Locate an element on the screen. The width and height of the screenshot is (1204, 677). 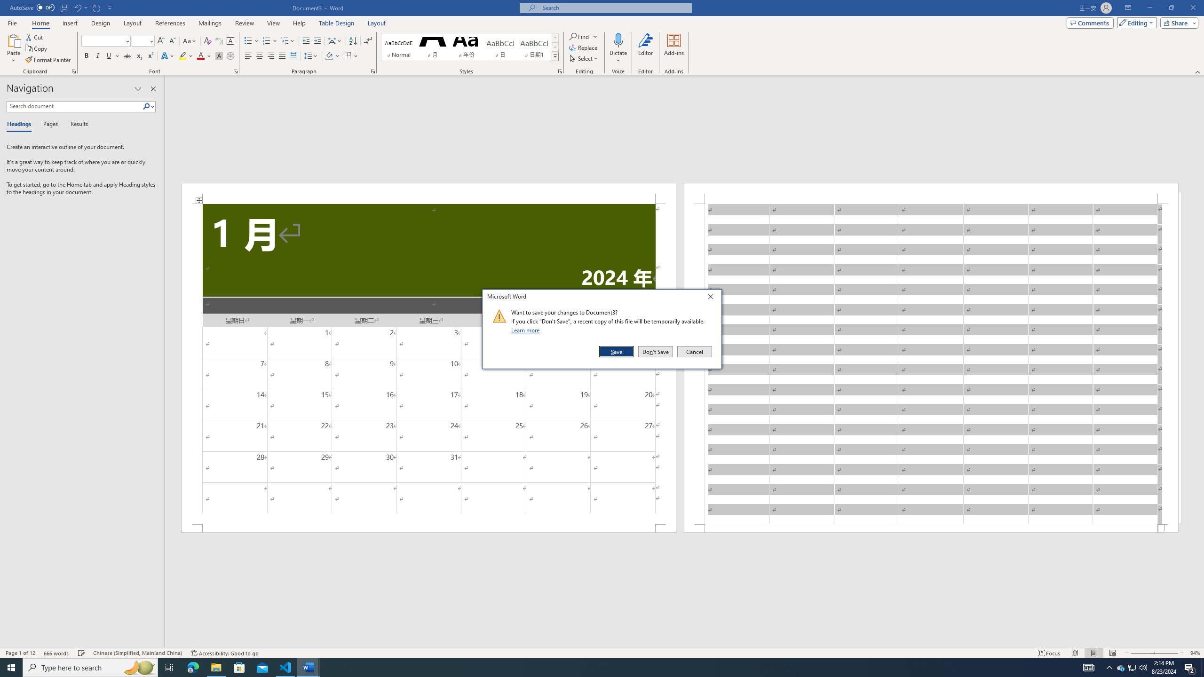
'View' is located at coordinates (274, 23).